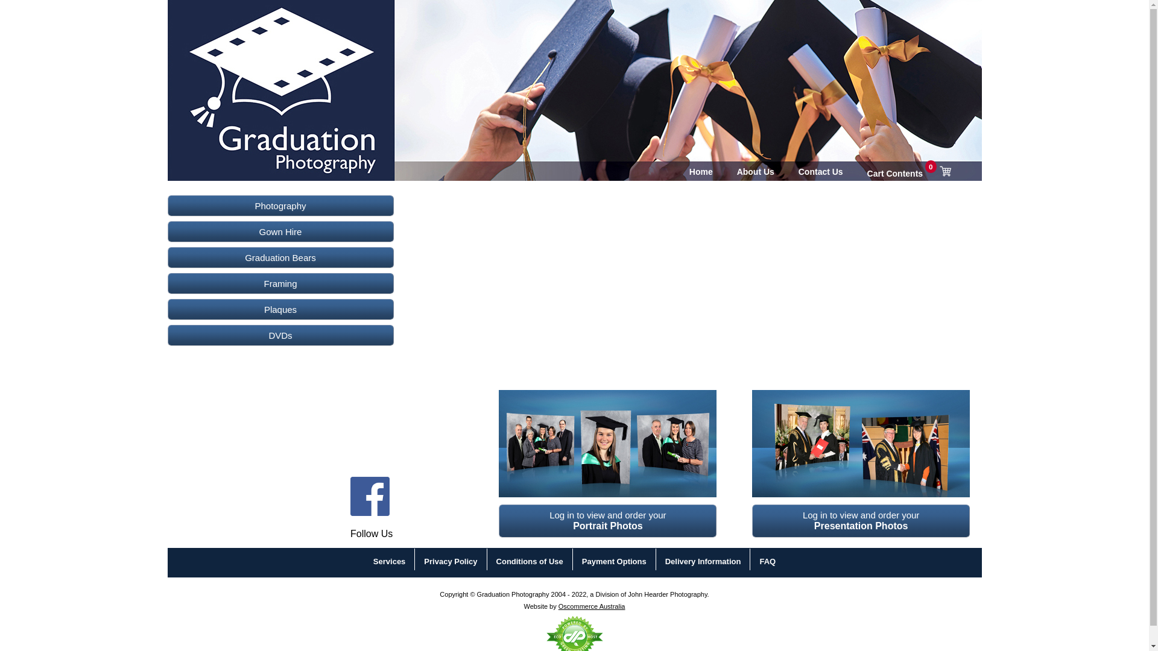 The image size is (1158, 651). Describe the element at coordinates (530, 561) in the screenshot. I see `'Conditions of Use'` at that location.